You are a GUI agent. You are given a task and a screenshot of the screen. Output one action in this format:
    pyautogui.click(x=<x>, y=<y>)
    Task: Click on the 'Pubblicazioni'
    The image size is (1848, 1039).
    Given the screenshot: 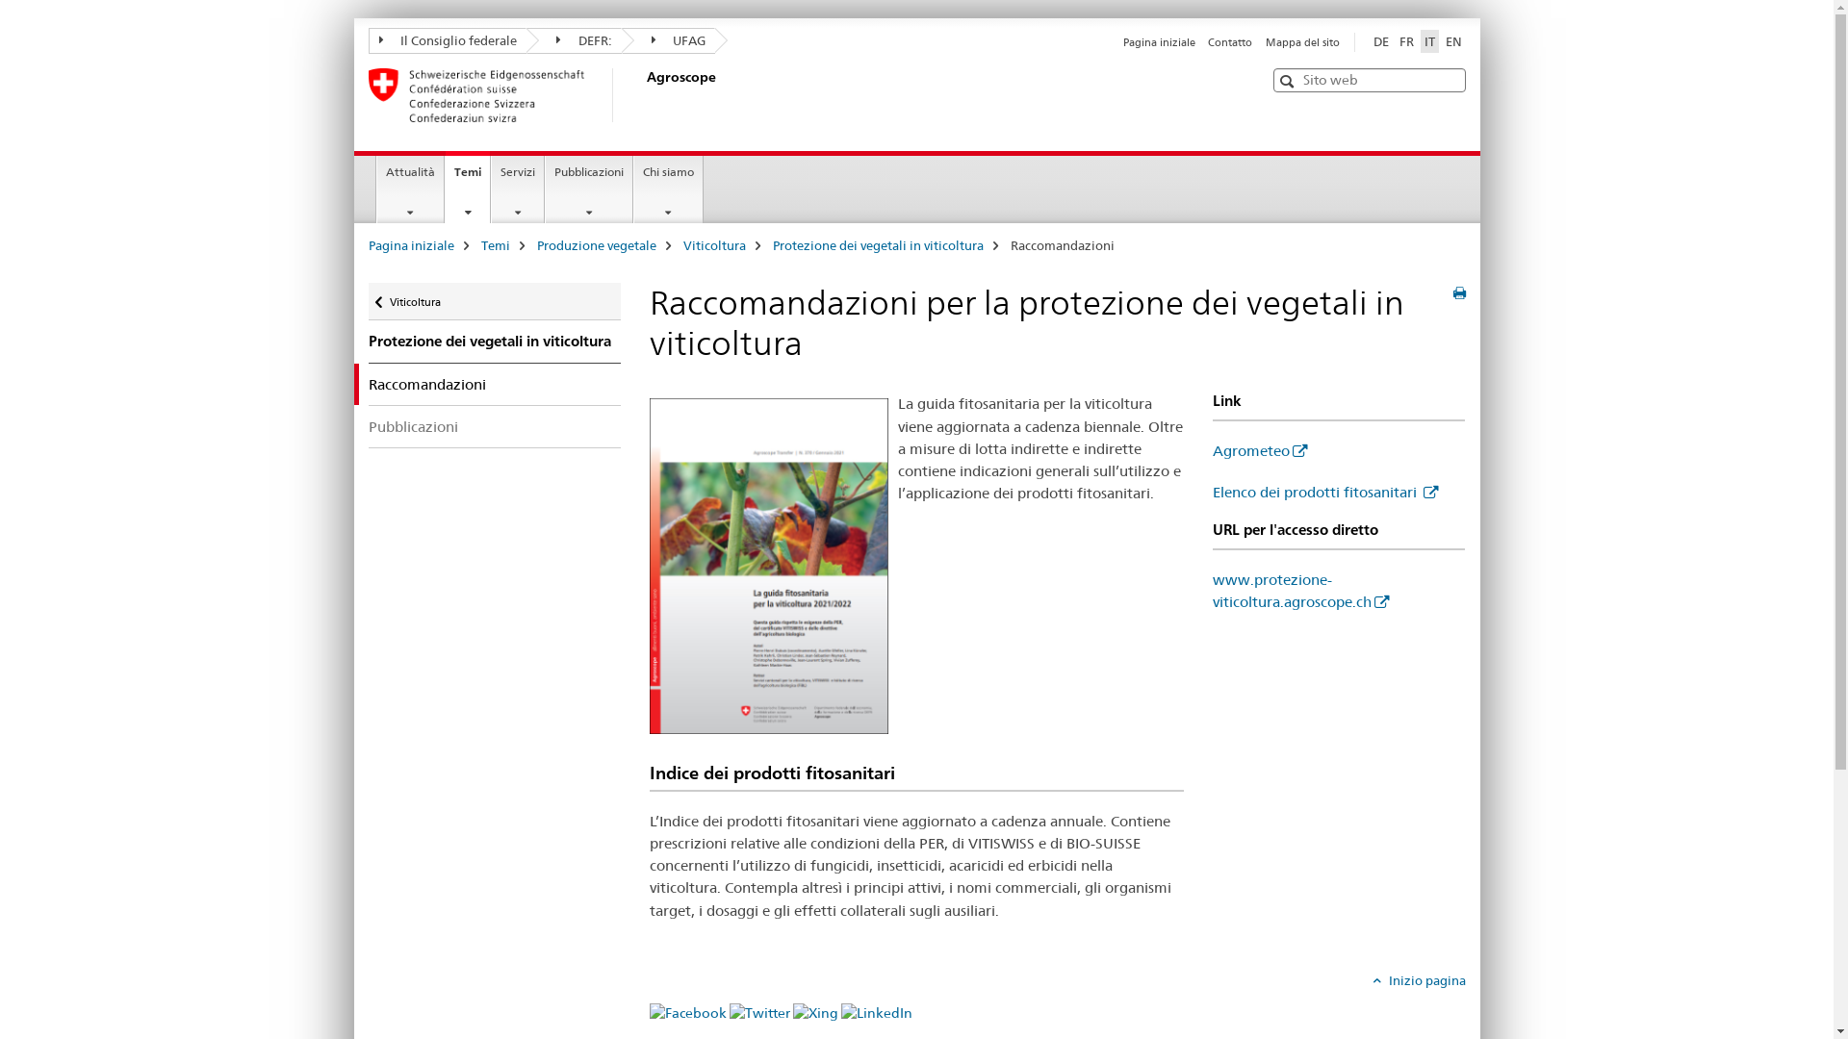 What is the action you would take?
    pyautogui.click(x=587, y=189)
    